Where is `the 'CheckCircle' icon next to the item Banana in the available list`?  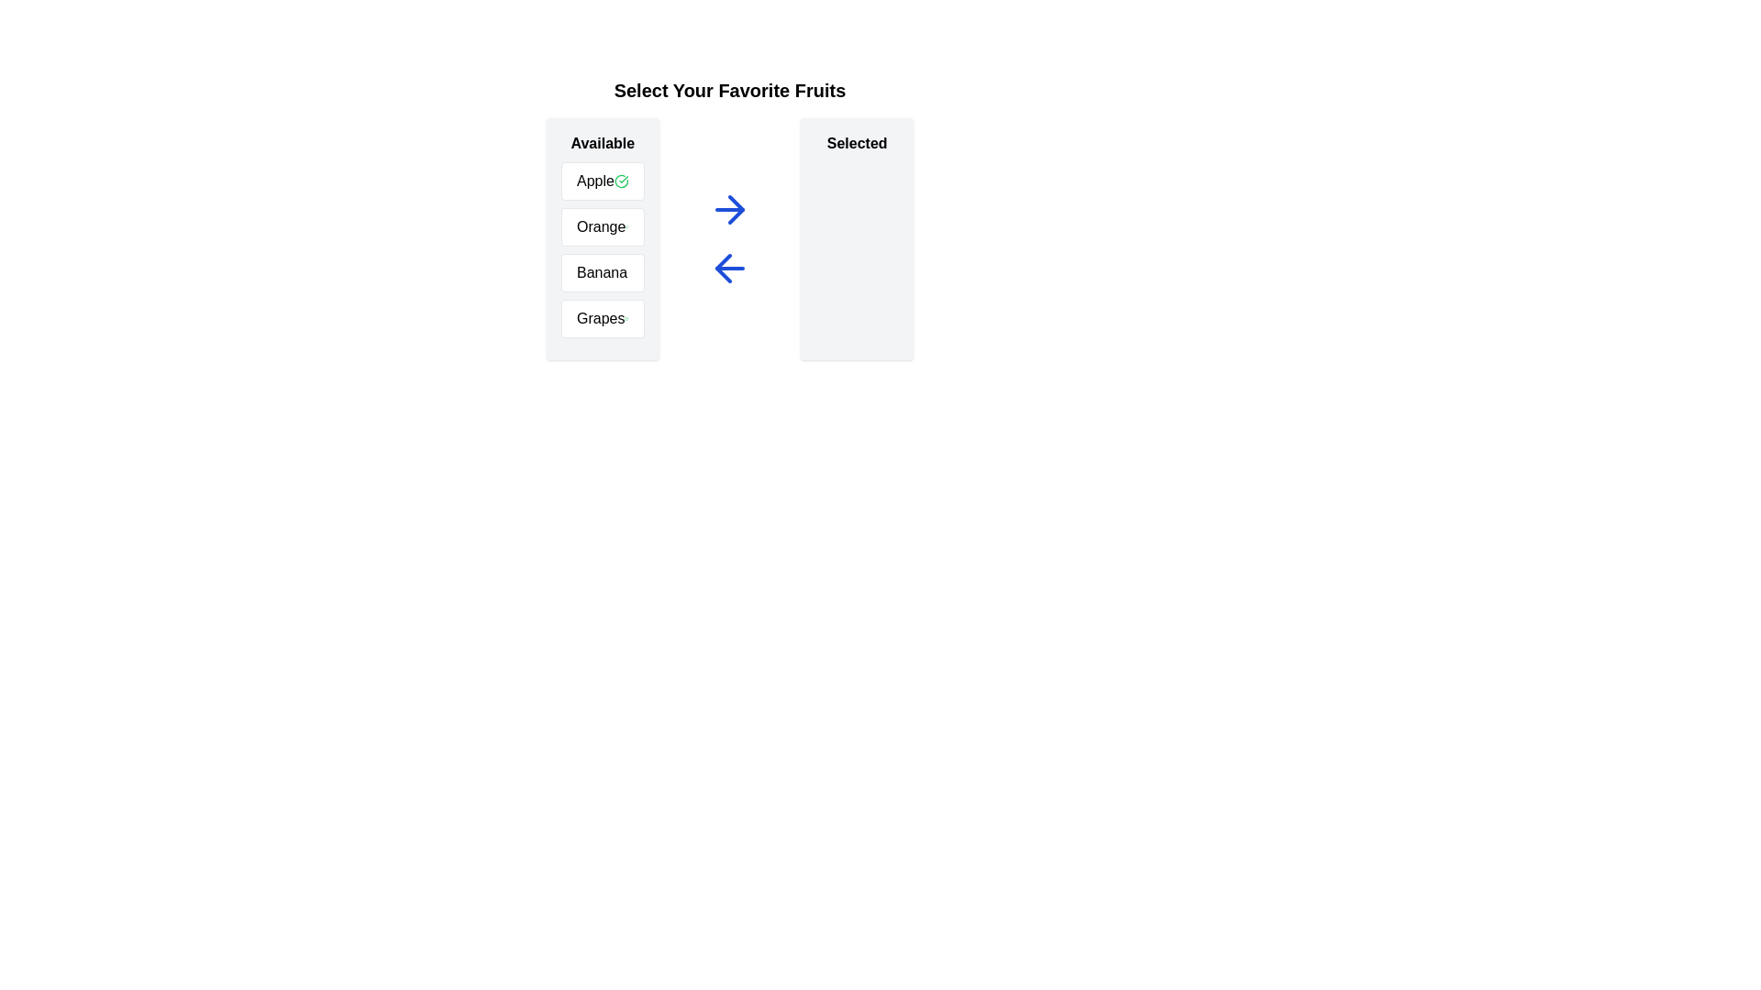
the 'CheckCircle' icon next to the item Banana in the available list is located at coordinates (627, 272).